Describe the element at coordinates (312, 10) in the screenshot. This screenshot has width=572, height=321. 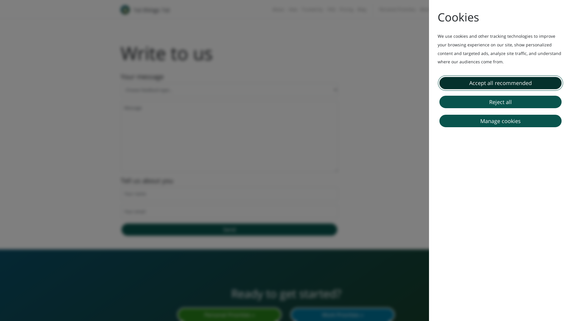
I see `'Trusted by'` at that location.